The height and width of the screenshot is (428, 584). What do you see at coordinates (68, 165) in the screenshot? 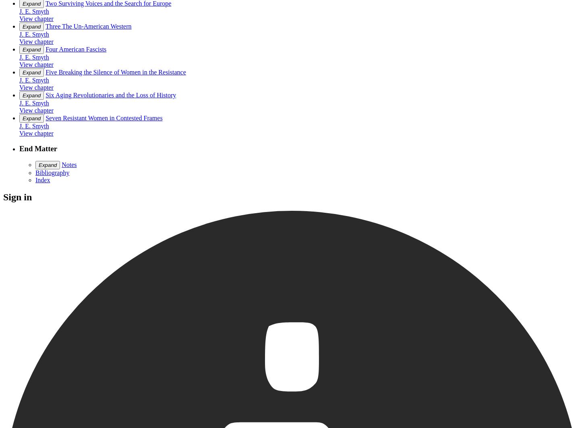
I see `'Notes'` at bounding box center [68, 165].